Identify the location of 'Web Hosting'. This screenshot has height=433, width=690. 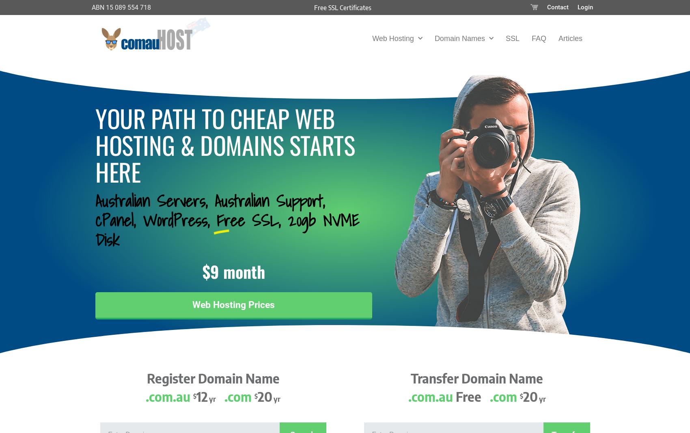
(372, 38).